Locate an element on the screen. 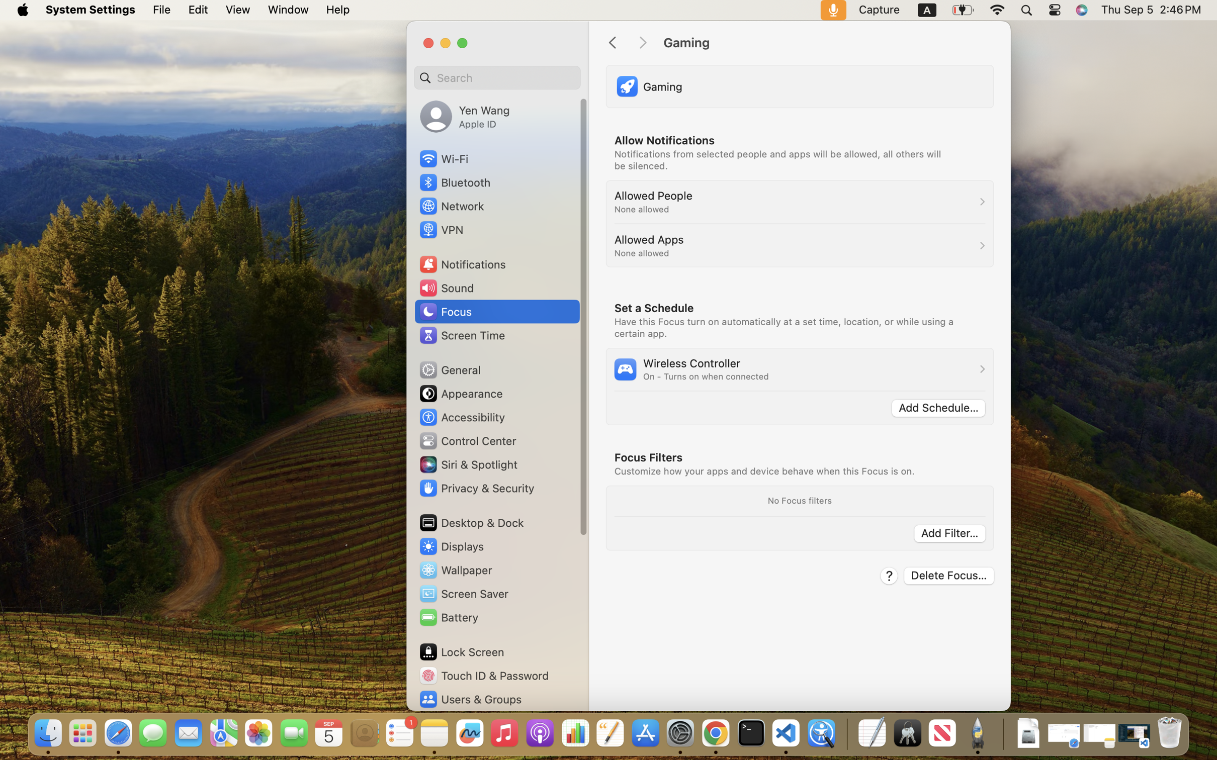  'General' is located at coordinates (449, 369).